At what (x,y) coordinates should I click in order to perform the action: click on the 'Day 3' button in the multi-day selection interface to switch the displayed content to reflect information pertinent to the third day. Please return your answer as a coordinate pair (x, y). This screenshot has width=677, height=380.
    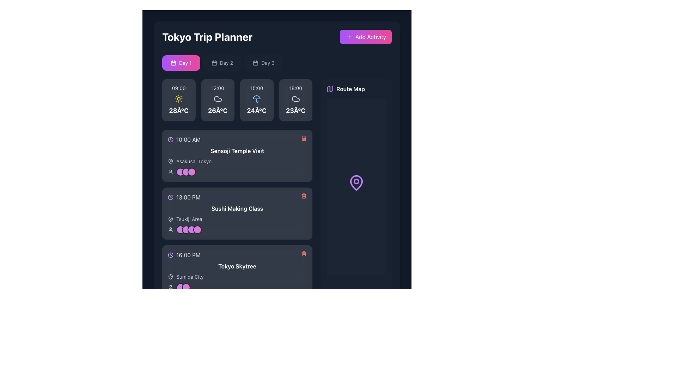
    Looking at the image, I should click on (263, 62).